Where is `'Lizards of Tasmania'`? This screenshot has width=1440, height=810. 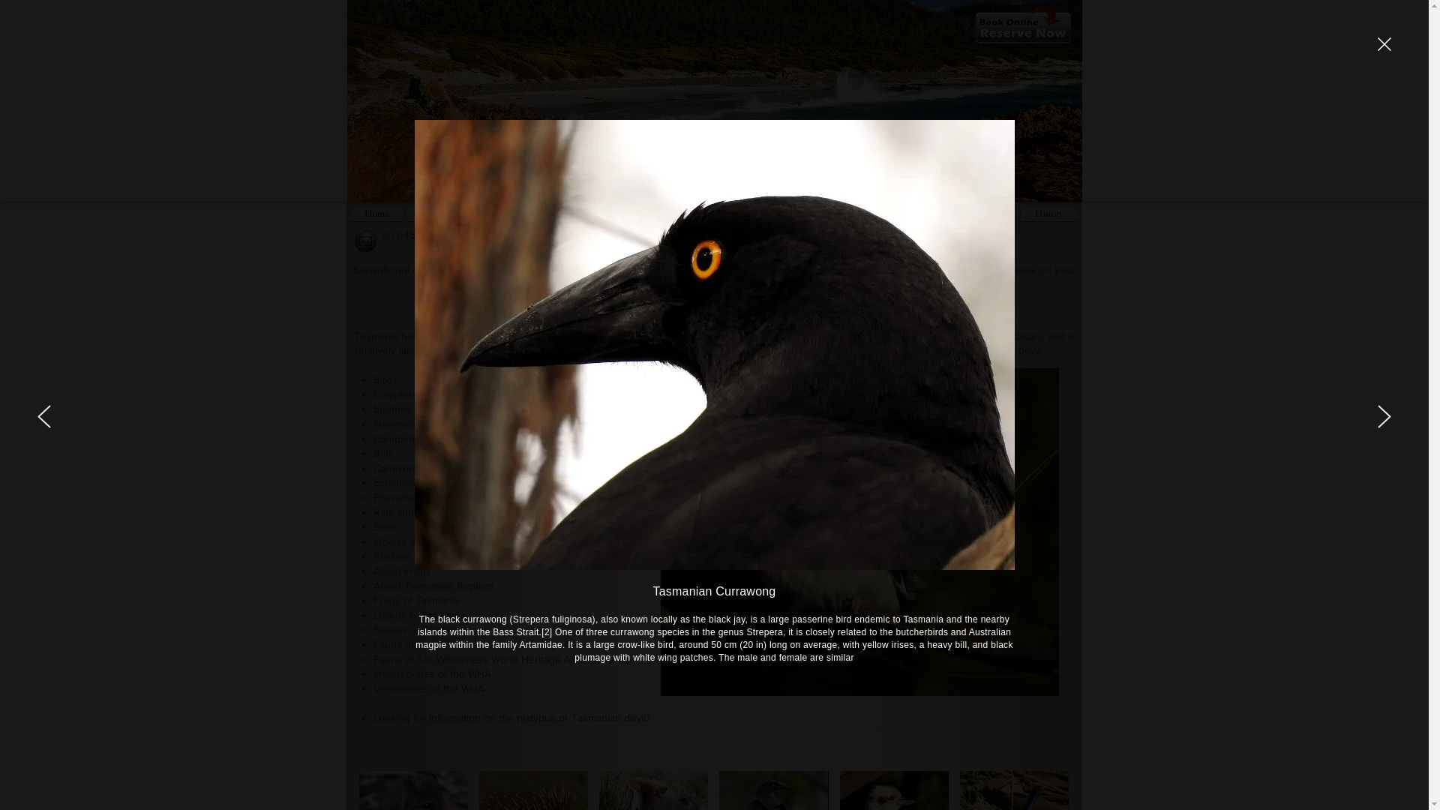
'Lizards of Tasmania' is located at coordinates (373, 615).